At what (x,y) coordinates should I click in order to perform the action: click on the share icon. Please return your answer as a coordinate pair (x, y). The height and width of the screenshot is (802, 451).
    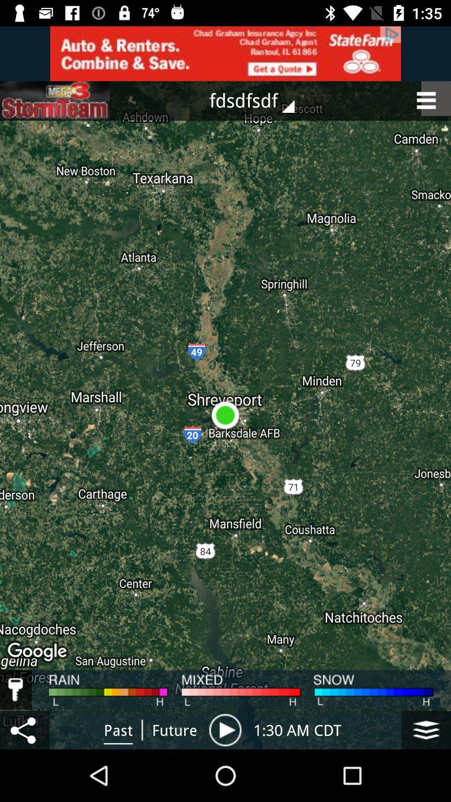
    Looking at the image, I should click on (24, 729).